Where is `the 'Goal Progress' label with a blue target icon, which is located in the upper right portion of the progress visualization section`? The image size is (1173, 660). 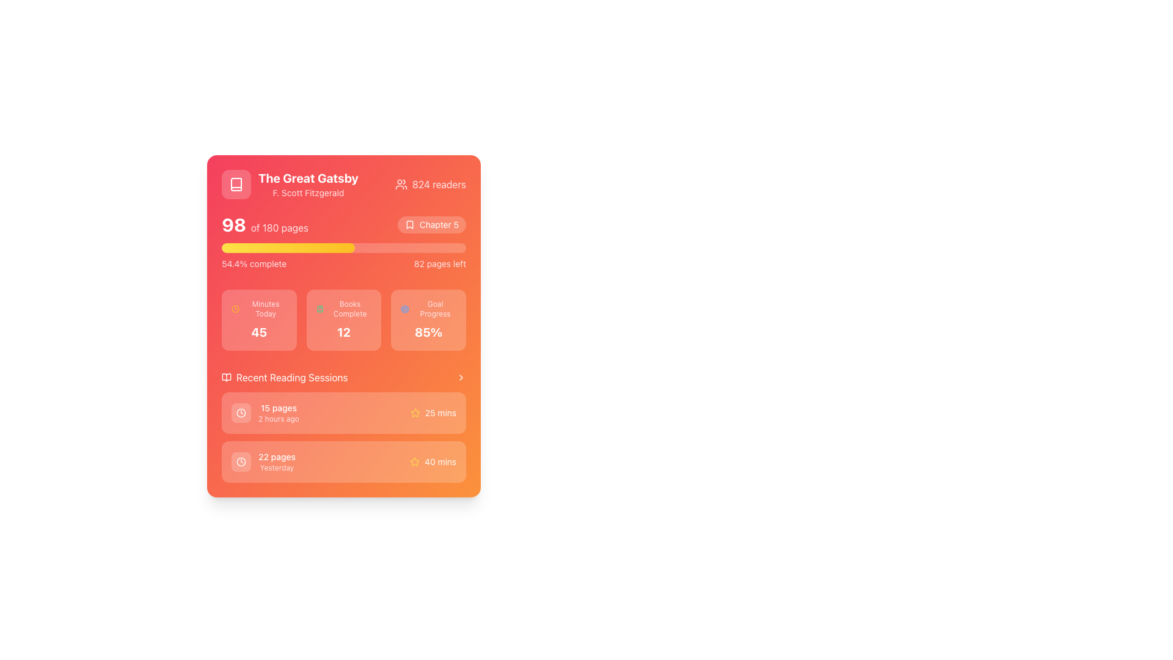 the 'Goal Progress' label with a blue target icon, which is located in the upper right portion of the progress visualization section is located at coordinates (428, 308).